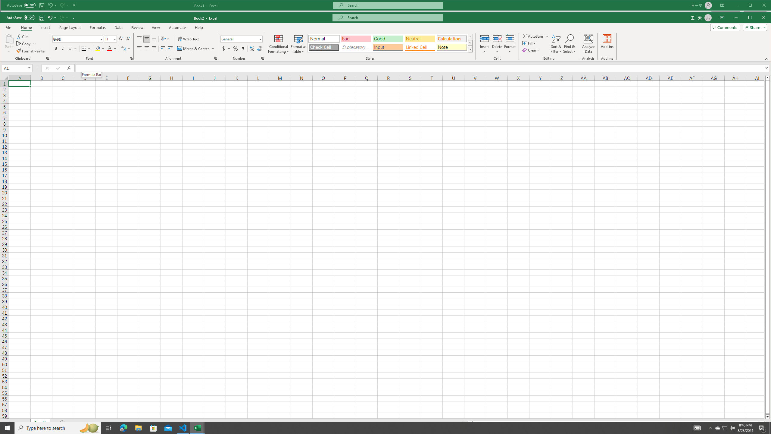  Describe the element at coordinates (40, 430) in the screenshot. I see `'Accessibility Checker Accessibility: Good to go'` at that location.